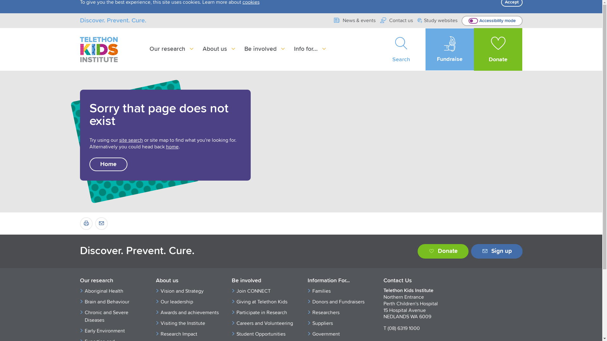 The image size is (607, 341). Describe the element at coordinates (114, 316) in the screenshot. I see `'Chronic and Severe Diseases'` at that location.